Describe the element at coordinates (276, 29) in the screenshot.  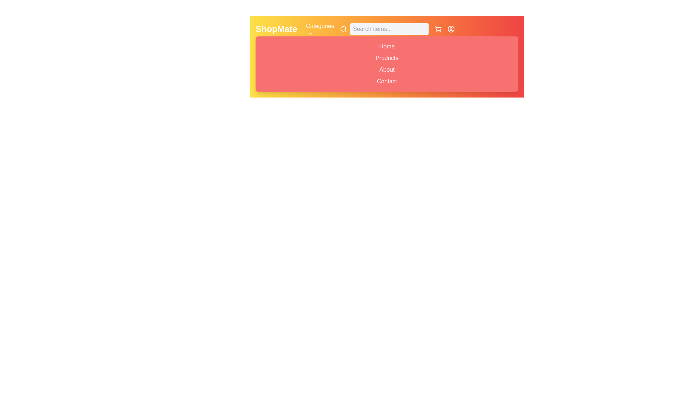
I see `the 'ShopMate' text label, which is styled in bold, large font and located on the left side of the top navigation bar` at that location.